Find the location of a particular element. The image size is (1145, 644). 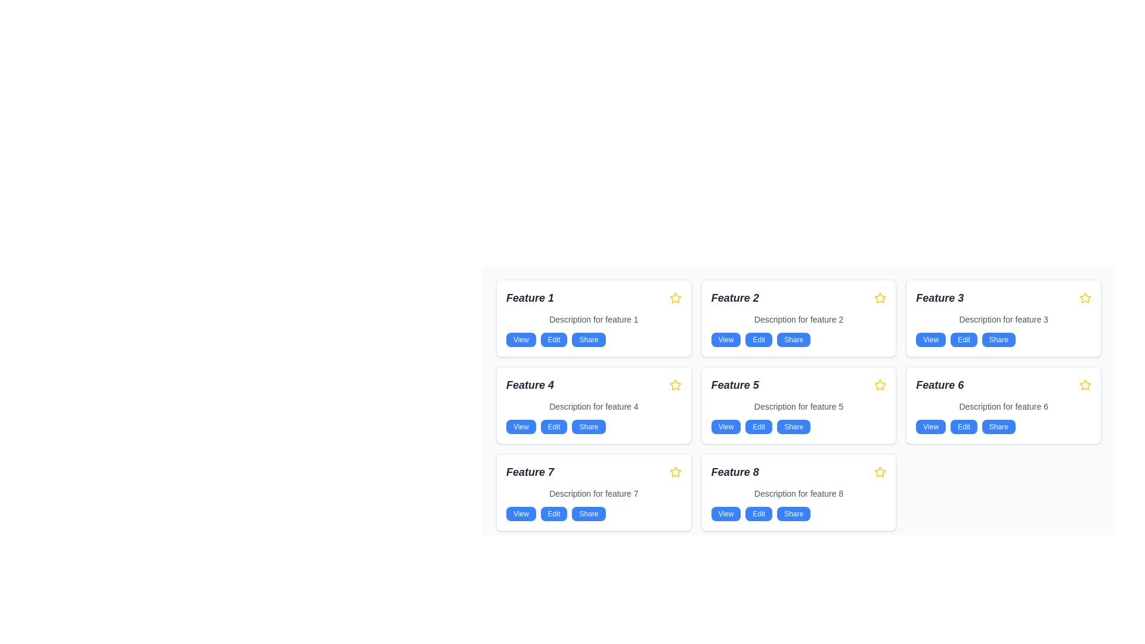

the 'Share' button located below the text 'Description for feature 1' in the first feature card from the left in the top row of the grid layout is located at coordinates (593, 340).